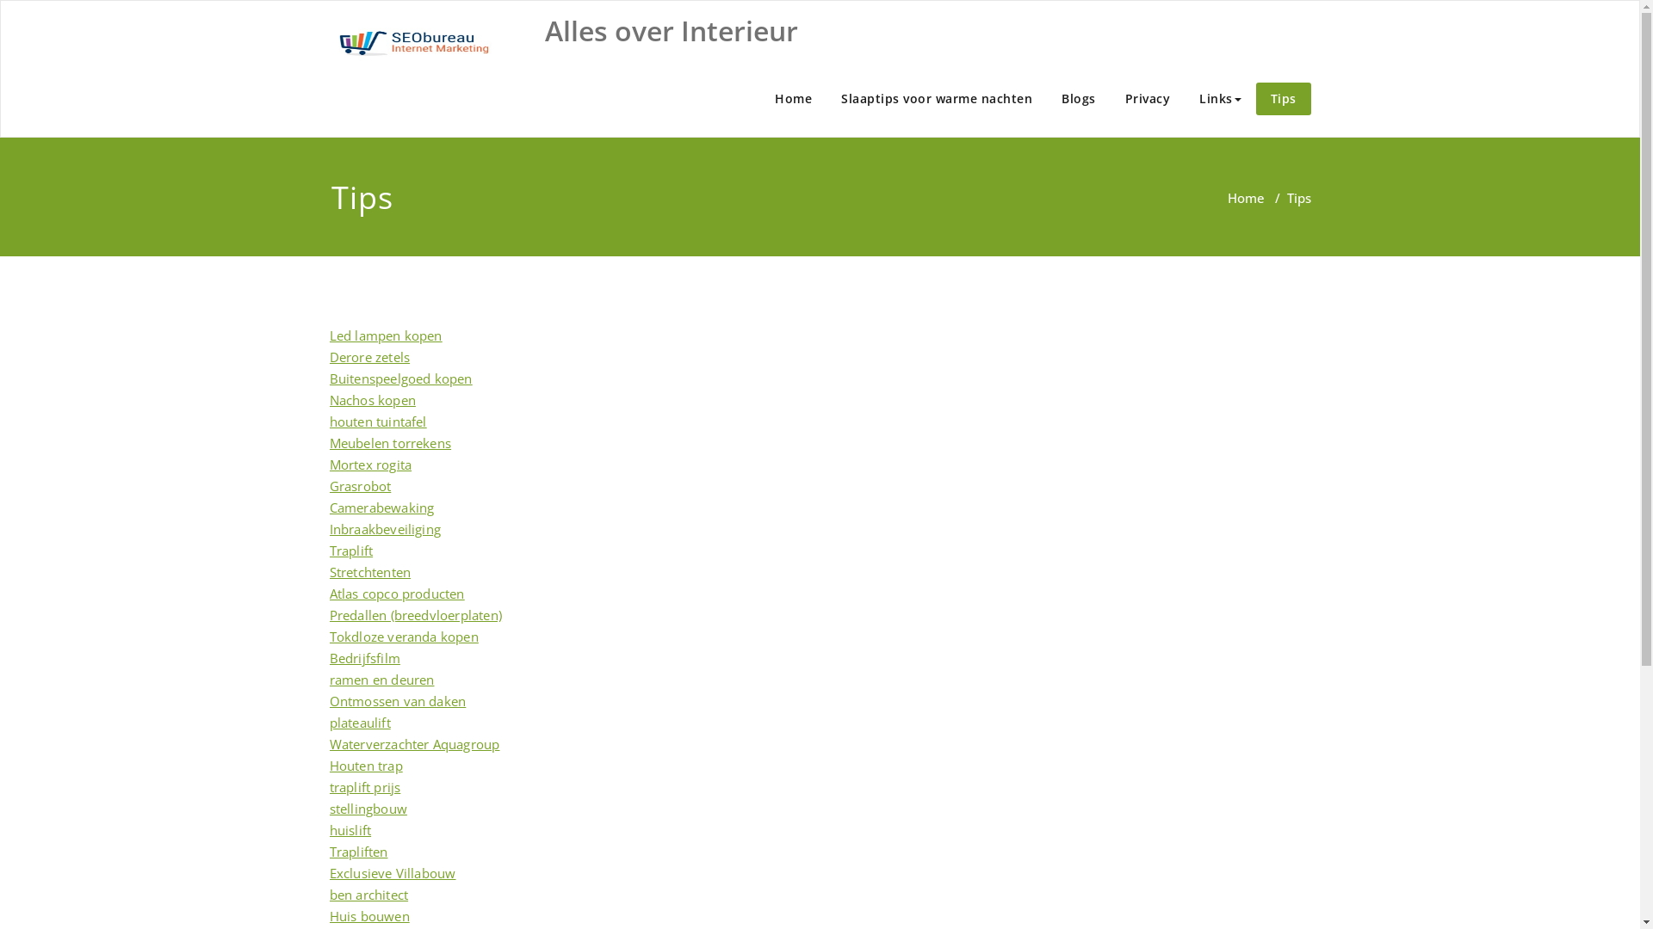  I want to click on 'plateaulift', so click(329, 723).